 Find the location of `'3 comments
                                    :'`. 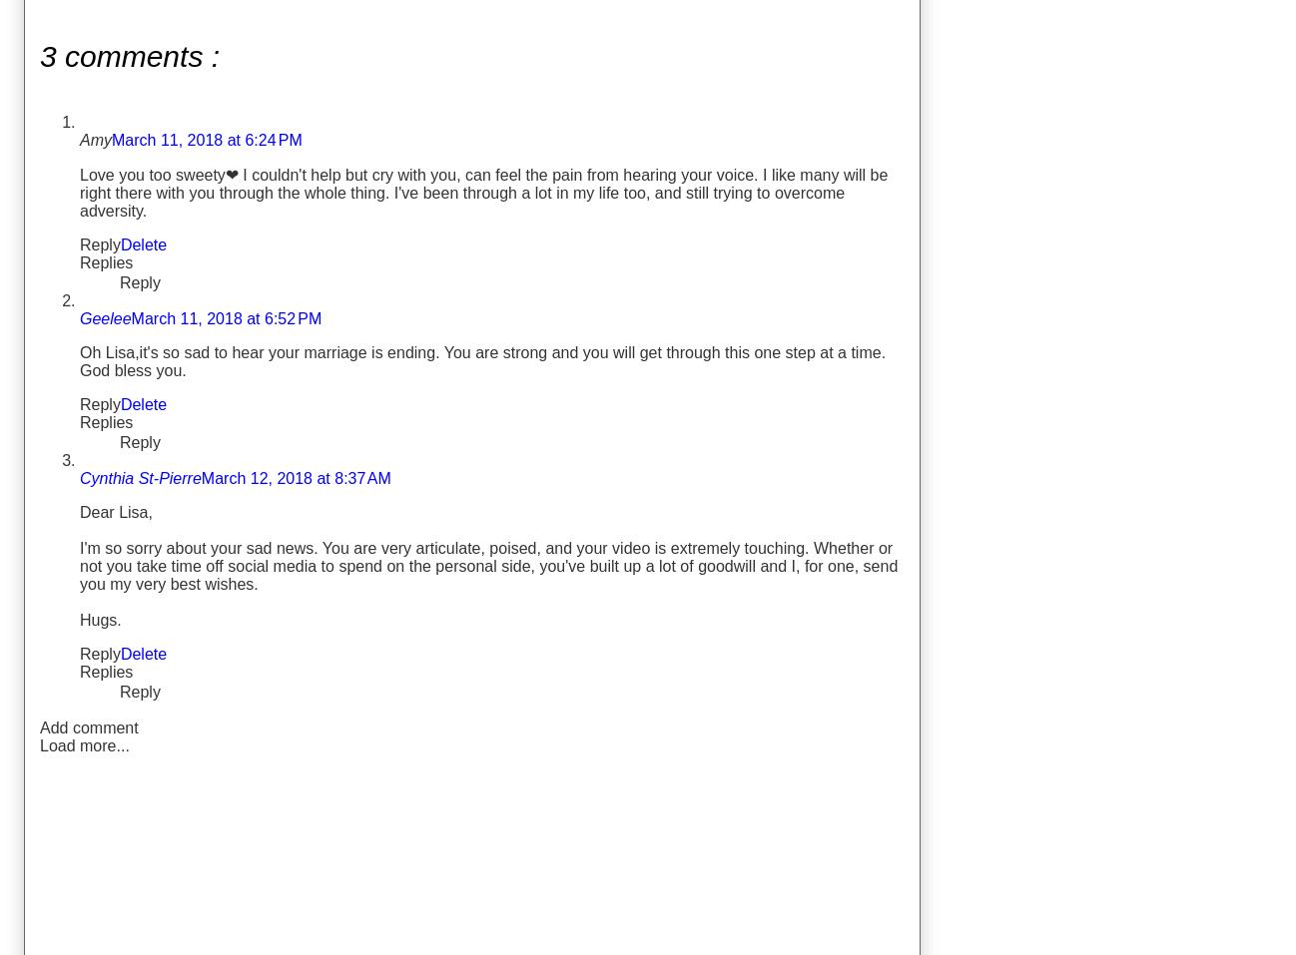

'3 comments
                                    :' is located at coordinates (129, 55).